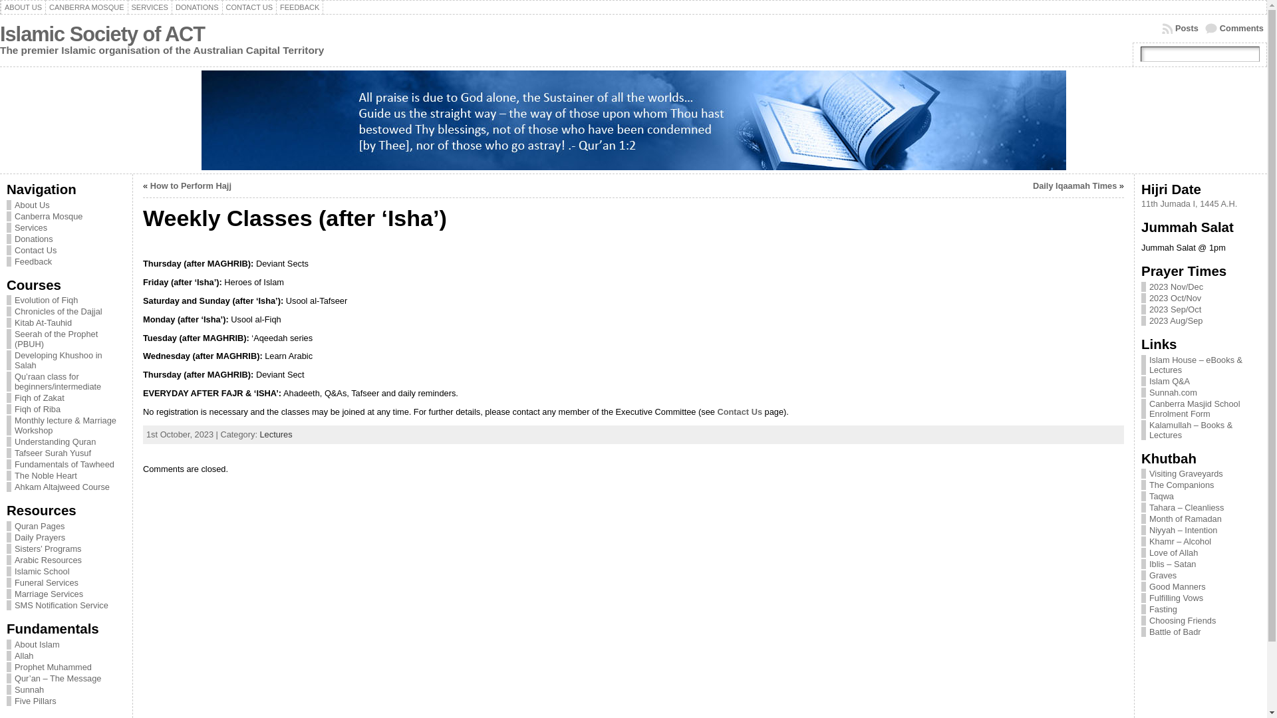  What do you see at coordinates (65, 463) in the screenshot?
I see `'Fundamentals of Tawheed'` at bounding box center [65, 463].